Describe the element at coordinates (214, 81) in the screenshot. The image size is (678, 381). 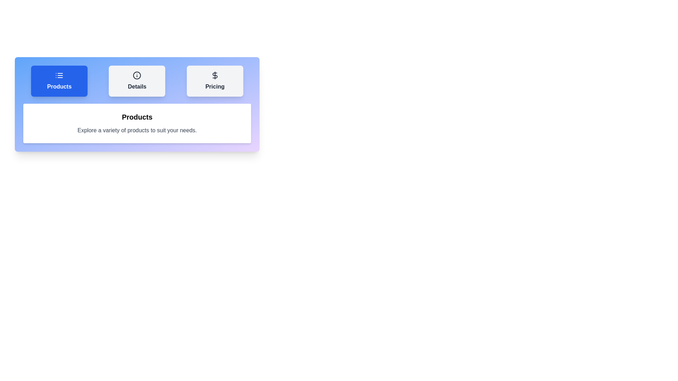
I see `the tab button labeled Pricing` at that location.